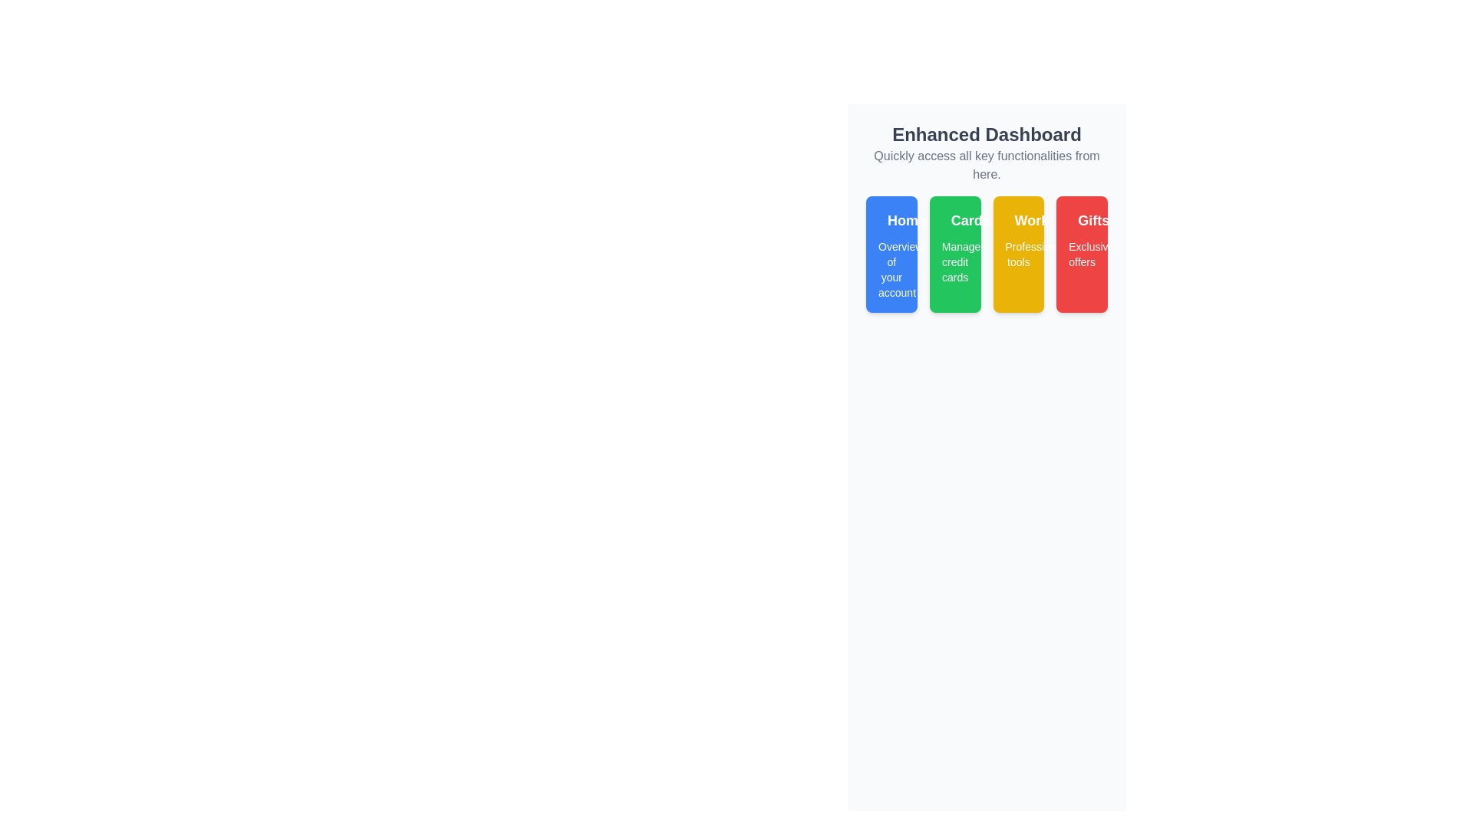 This screenshot has height=828, width=1473. I want to click on the label indicating the functionality of the associated 'Cards' button, so click(970, 221).